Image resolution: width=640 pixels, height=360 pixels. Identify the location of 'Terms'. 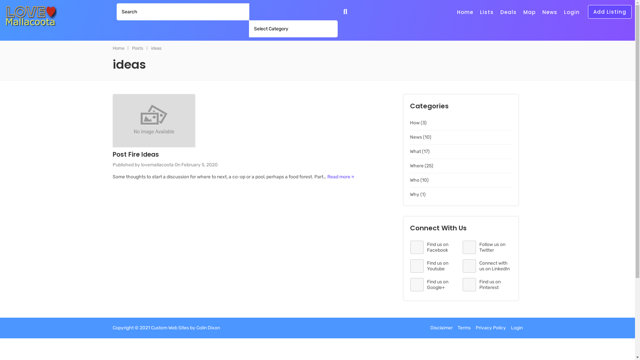
(463, 327).